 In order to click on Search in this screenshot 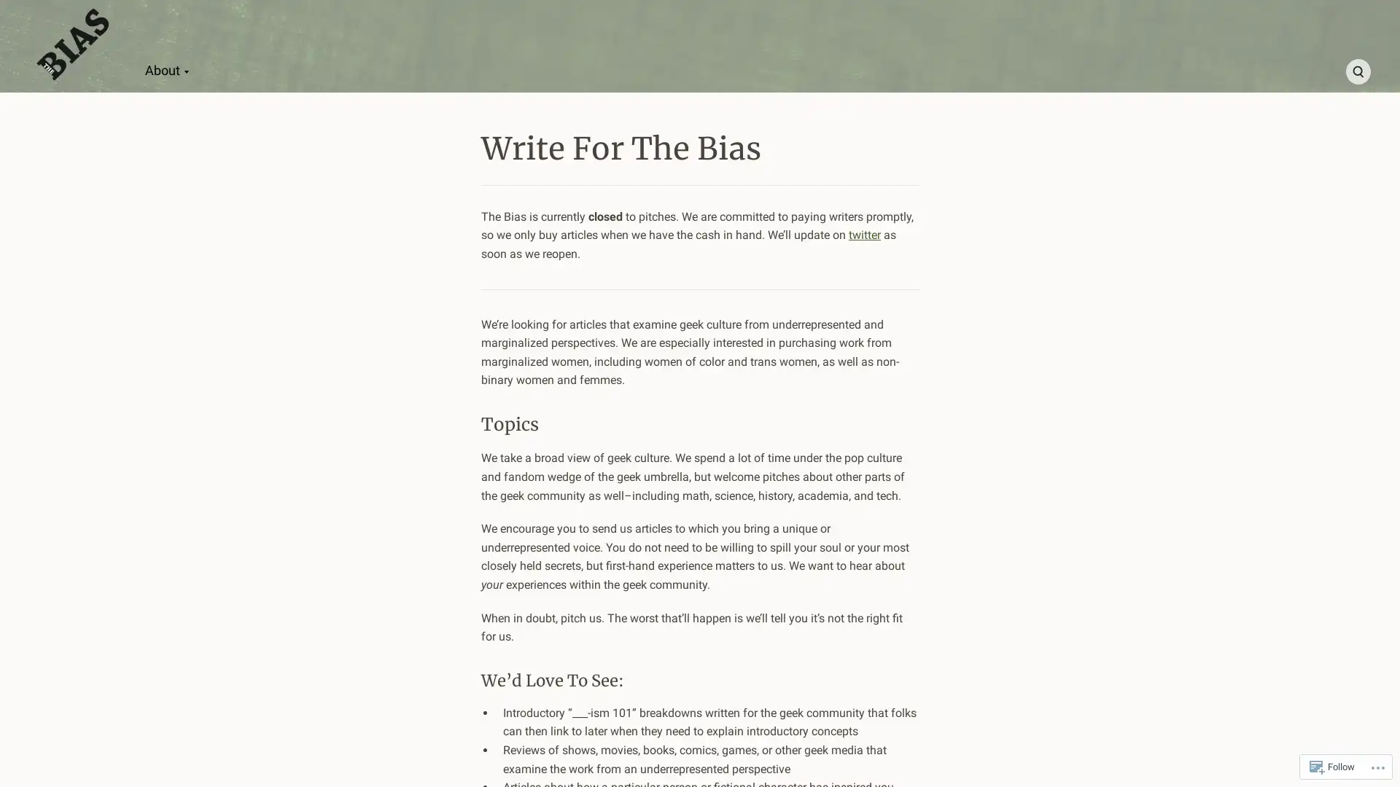, I will do `click(1357, 71)`.